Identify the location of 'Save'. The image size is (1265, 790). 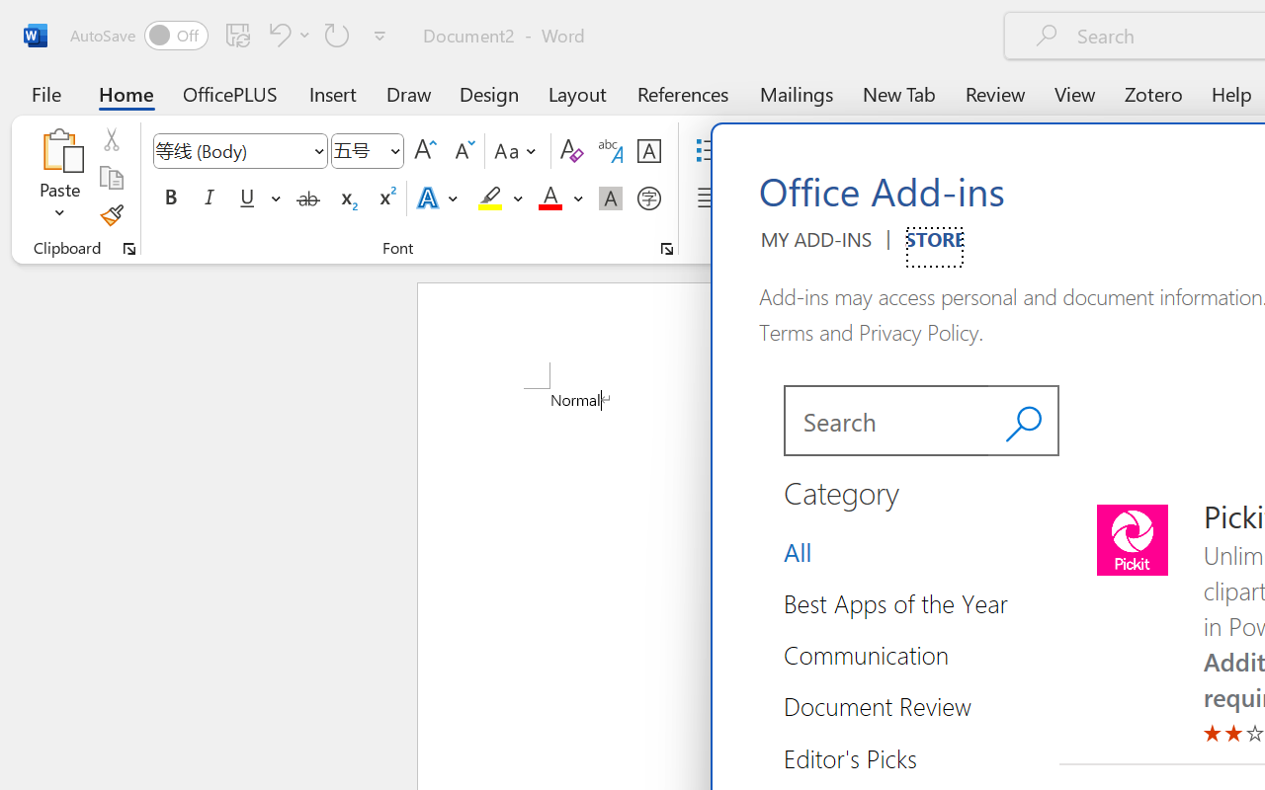
(237, 34).